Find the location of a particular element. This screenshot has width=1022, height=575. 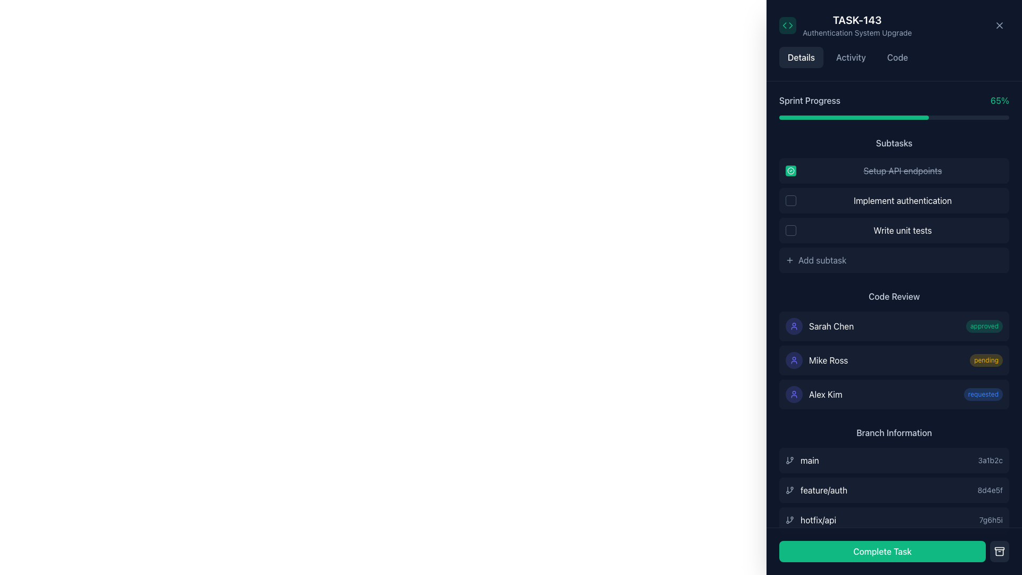

progress value is located at coordinates (905, 117).